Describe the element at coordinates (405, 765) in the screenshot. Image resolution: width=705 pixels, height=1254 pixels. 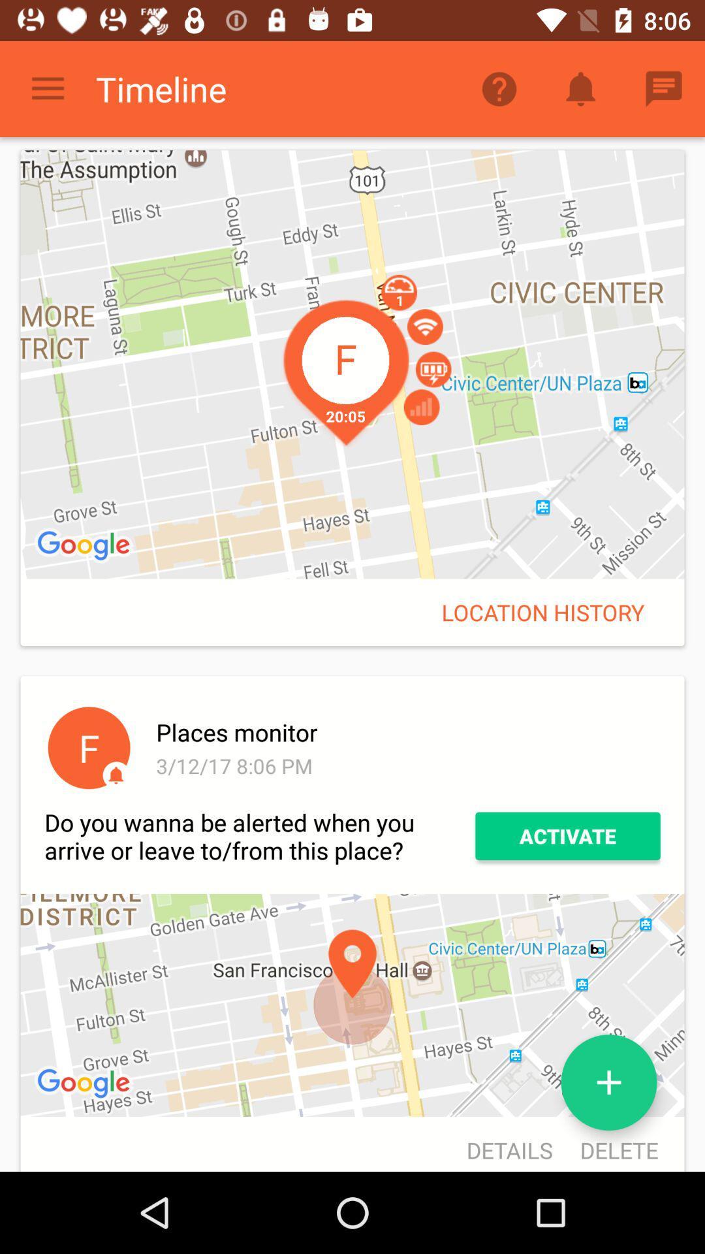
I see `the icon to the right of the f icon` at that location.